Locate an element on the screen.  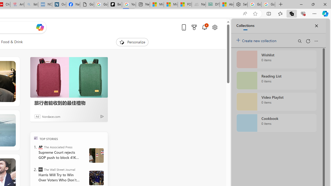
'Microsoft rewards' is located at coordinates (194, 27).